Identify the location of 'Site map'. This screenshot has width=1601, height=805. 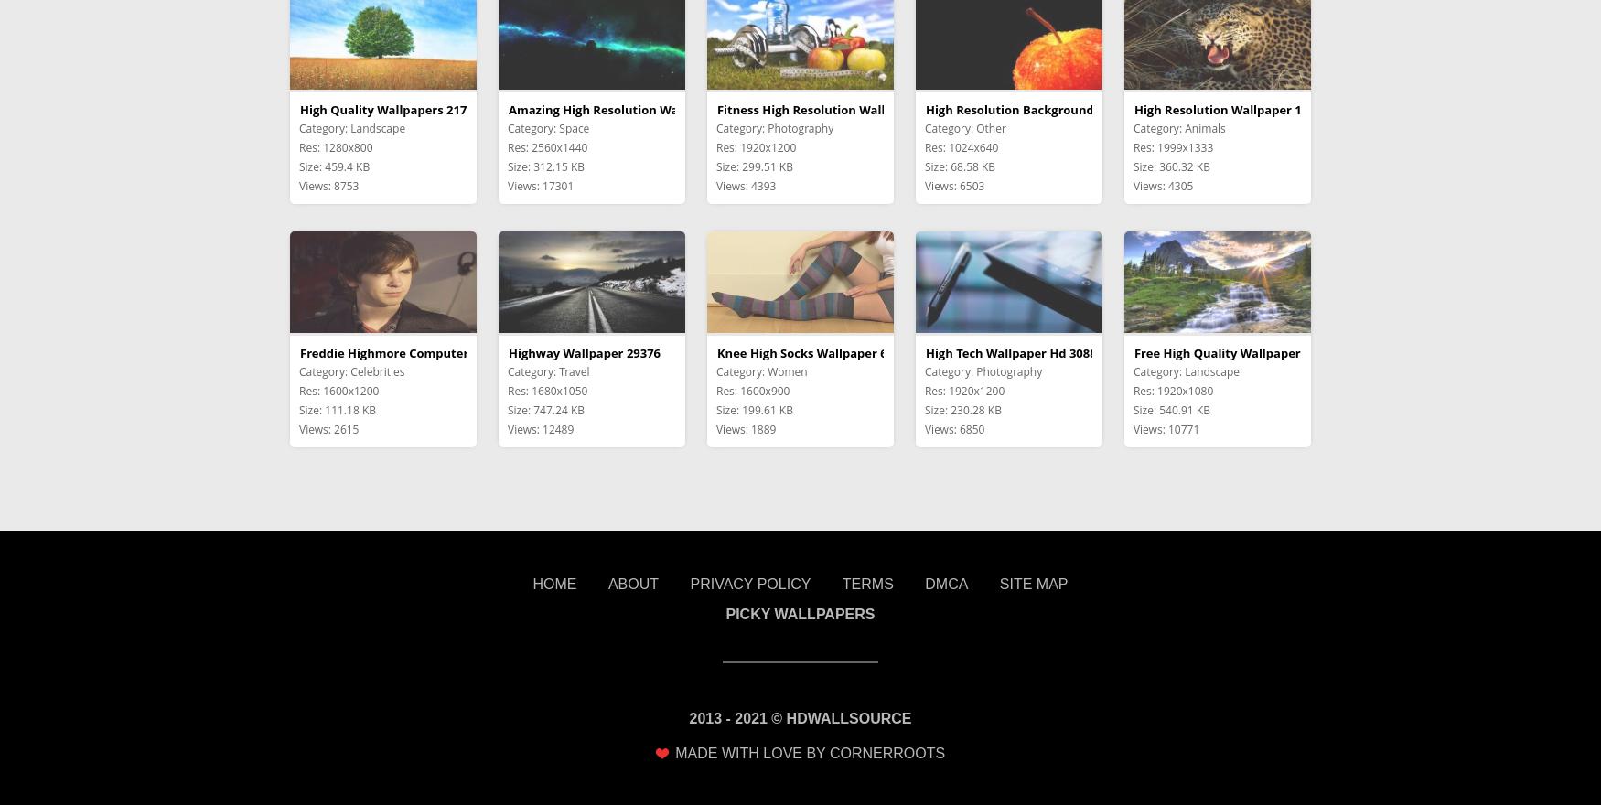
(1032, 584).